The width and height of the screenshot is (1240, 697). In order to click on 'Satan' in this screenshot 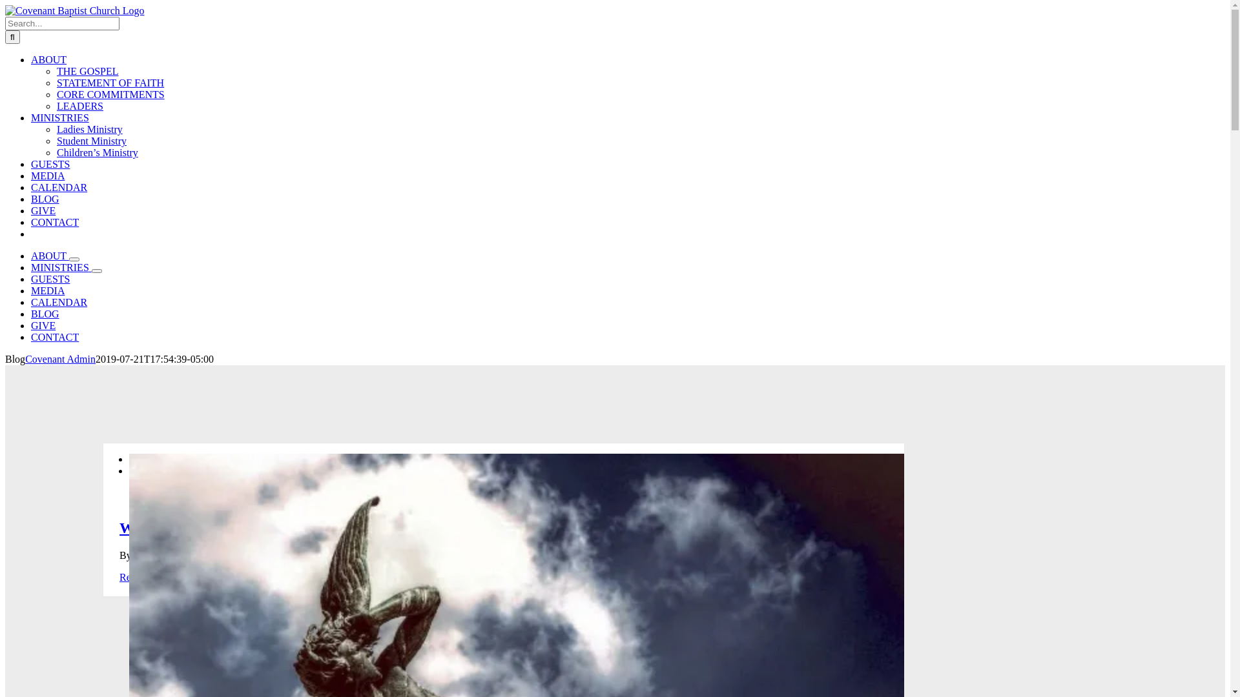, I will do `click(408, 554)`.